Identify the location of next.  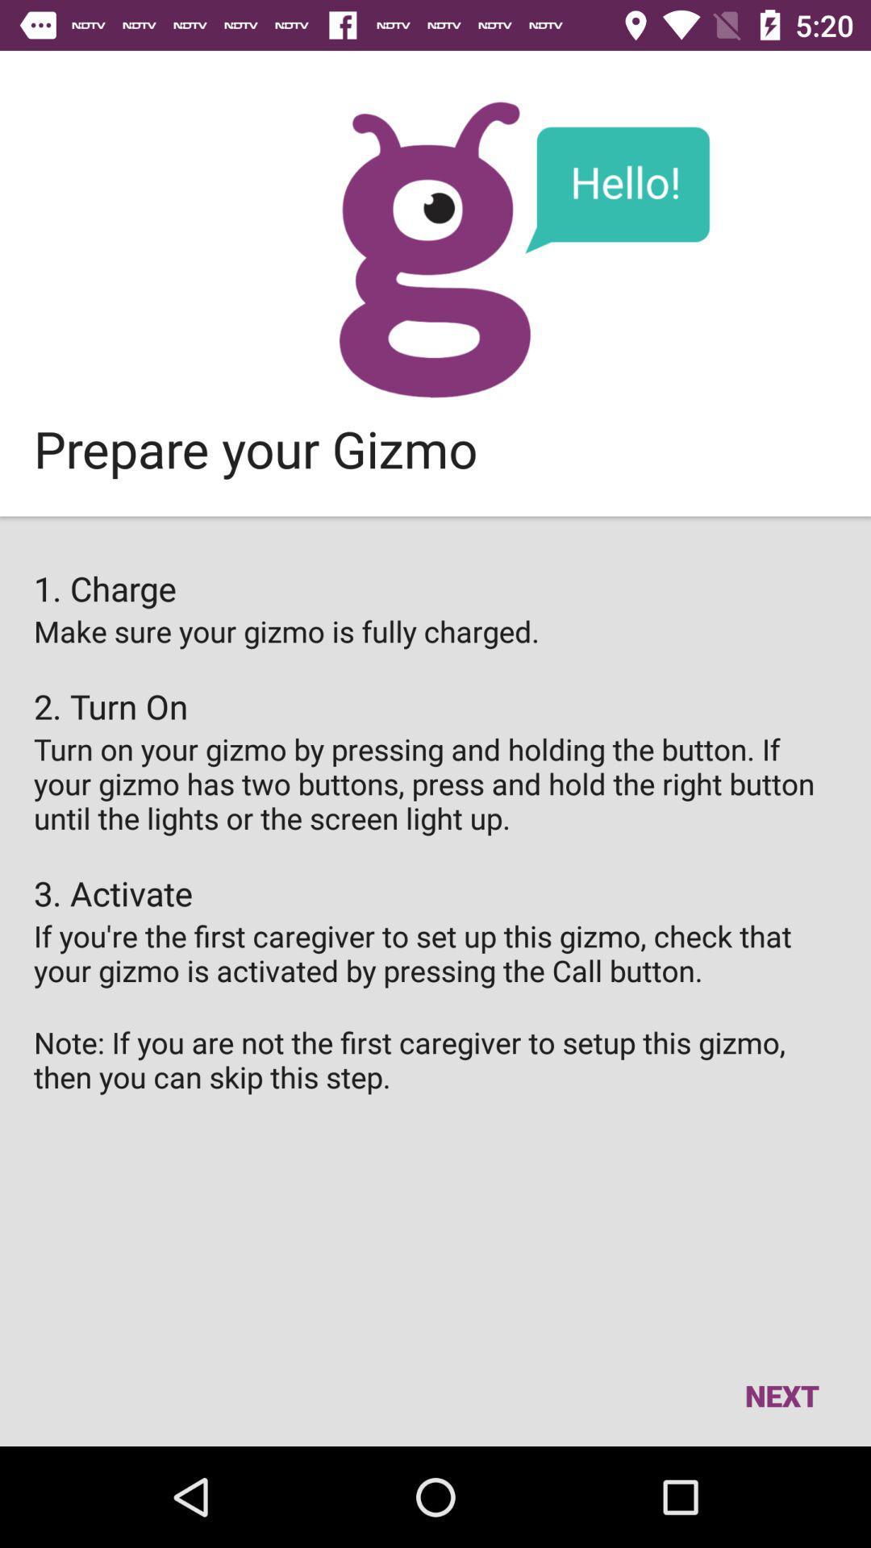
(781, 1395).